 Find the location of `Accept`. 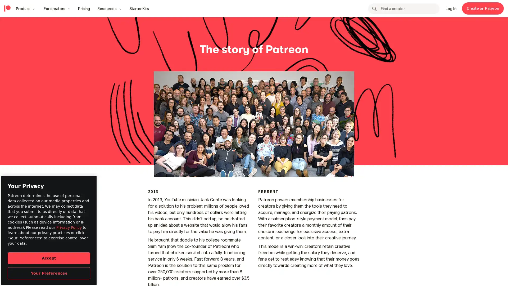

Accept is located at coordinates (49, 258).